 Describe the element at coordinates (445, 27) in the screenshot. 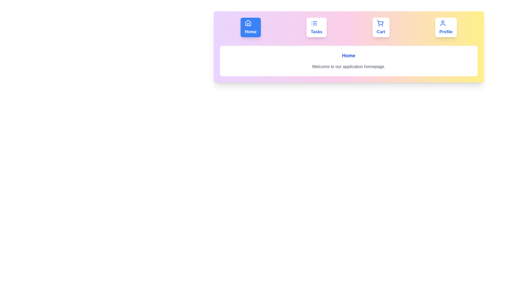

I see `the button labeled Profile to observe its animation` at that location.